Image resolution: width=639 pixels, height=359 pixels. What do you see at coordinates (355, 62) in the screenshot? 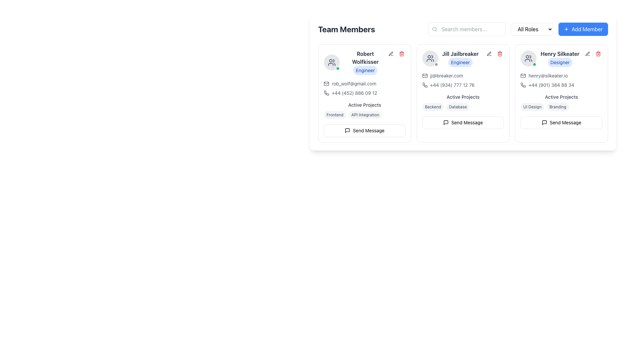
I see `text from the Profile information display containing 'Robert Wolfkisser' and the label 'Engineer' located in the first card of the 'Team Members' section` at bounding box center [355, 62].